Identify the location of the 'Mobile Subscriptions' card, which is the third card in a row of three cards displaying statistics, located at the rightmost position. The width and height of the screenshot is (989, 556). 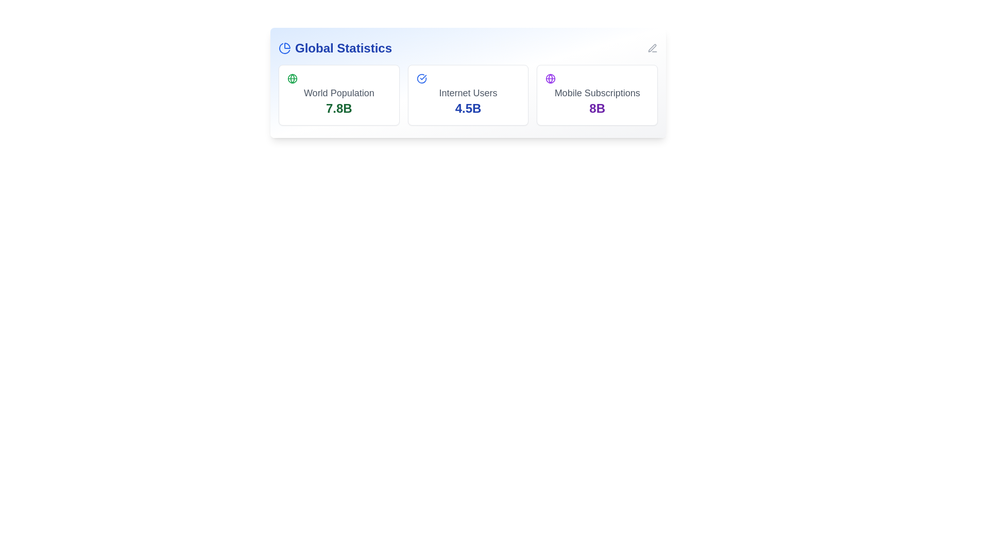
(597, 95).